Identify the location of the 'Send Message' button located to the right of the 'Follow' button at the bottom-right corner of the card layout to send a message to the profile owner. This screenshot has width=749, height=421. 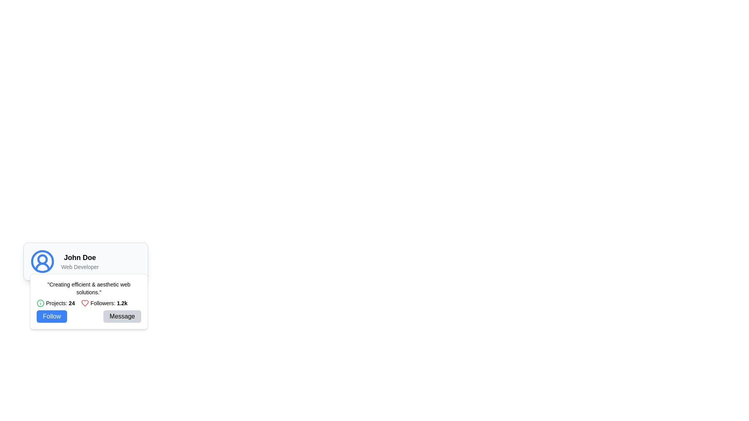
(122, 317).